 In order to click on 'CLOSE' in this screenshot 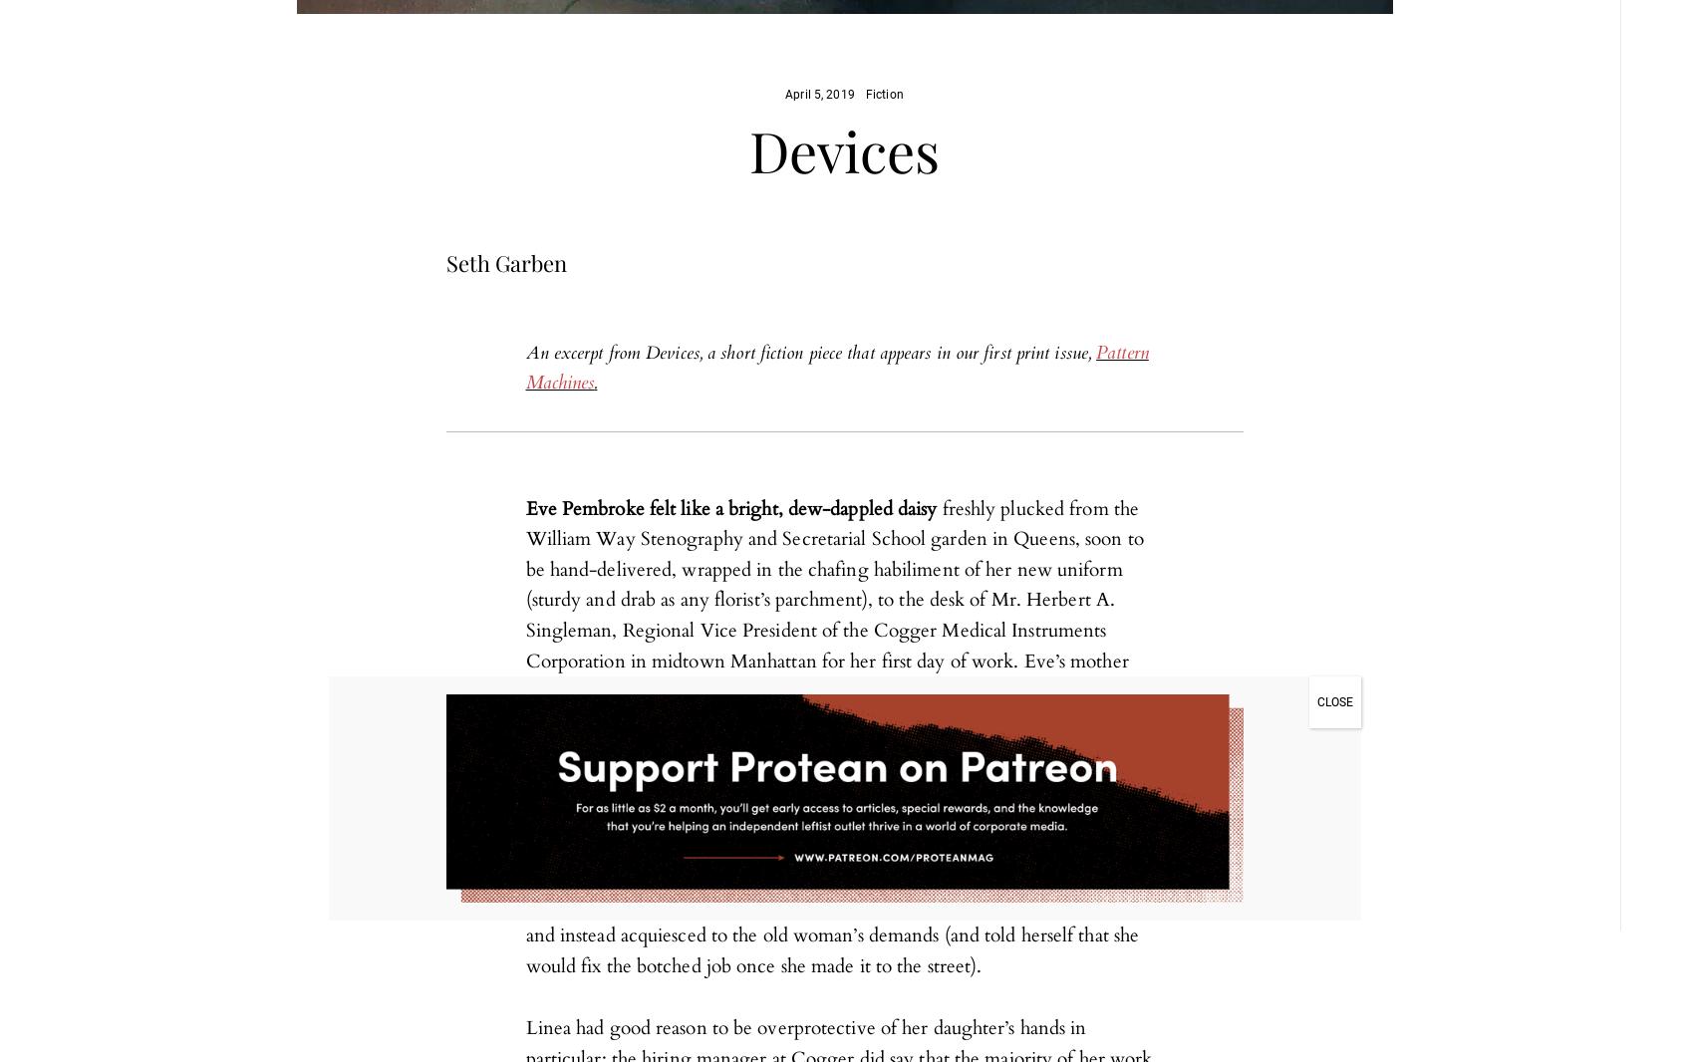, I will do `click(1334, 701)`.